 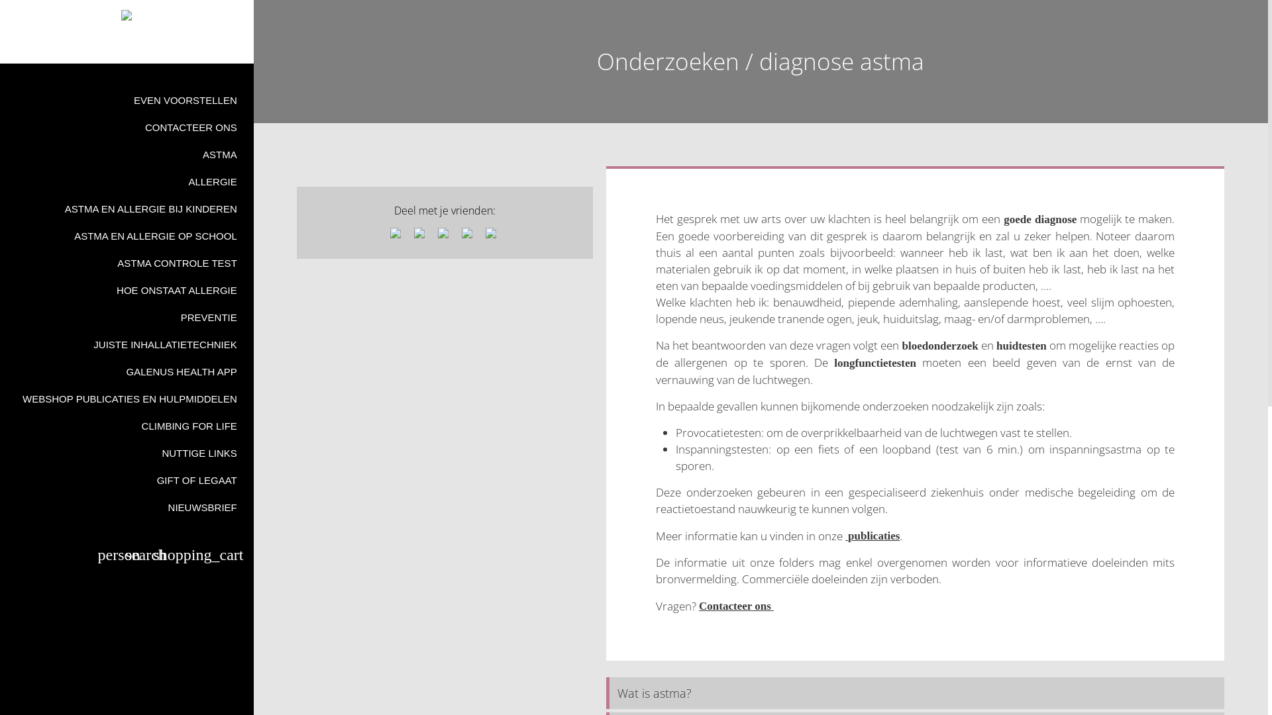 I want to click on 'JUISTE INHALLATIETECHNIEK', so click(x=127, y=344).